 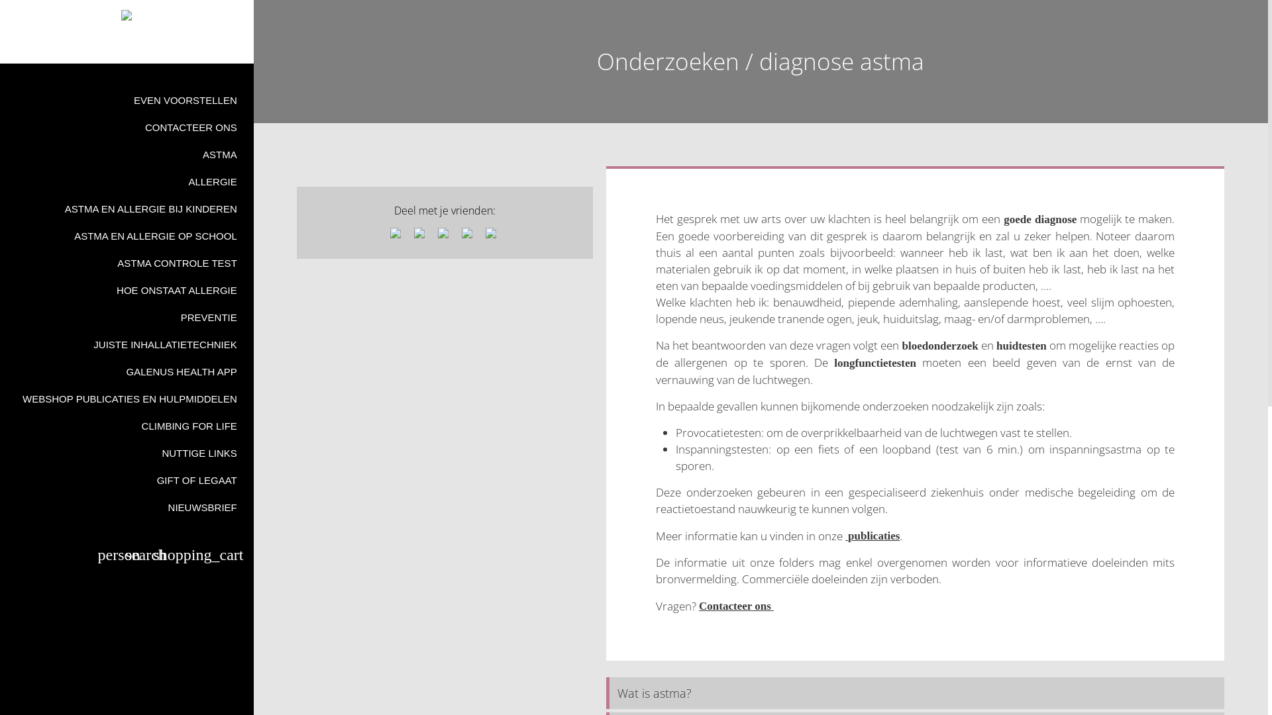 I want to click on 'JUISTE INHALLATIETECHNIEK', so click(x=127, y=344).